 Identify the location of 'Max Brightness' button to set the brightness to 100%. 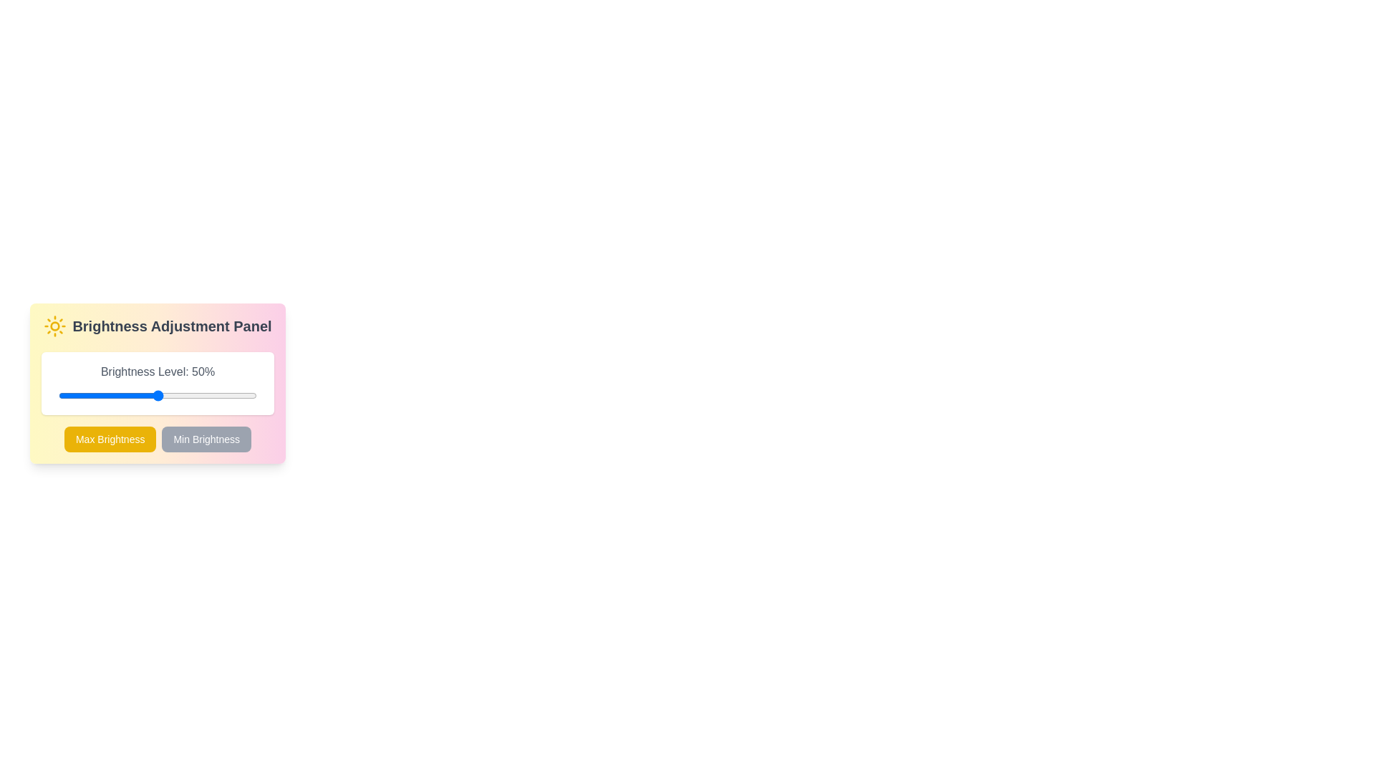
(109, 438).